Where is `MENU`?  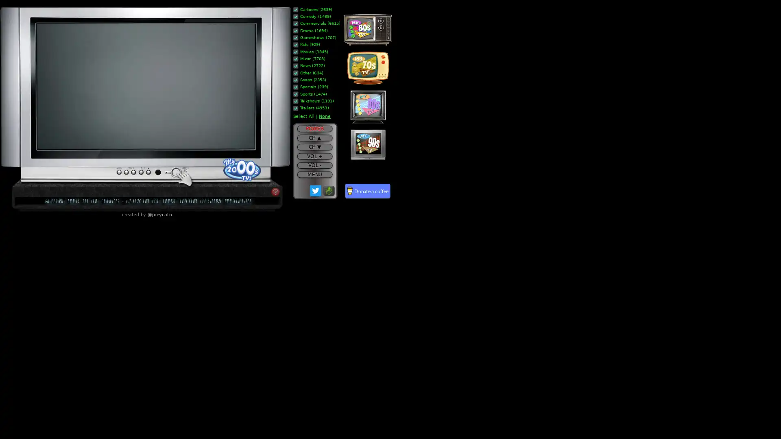 MENU is located at coordinates (314, 174).